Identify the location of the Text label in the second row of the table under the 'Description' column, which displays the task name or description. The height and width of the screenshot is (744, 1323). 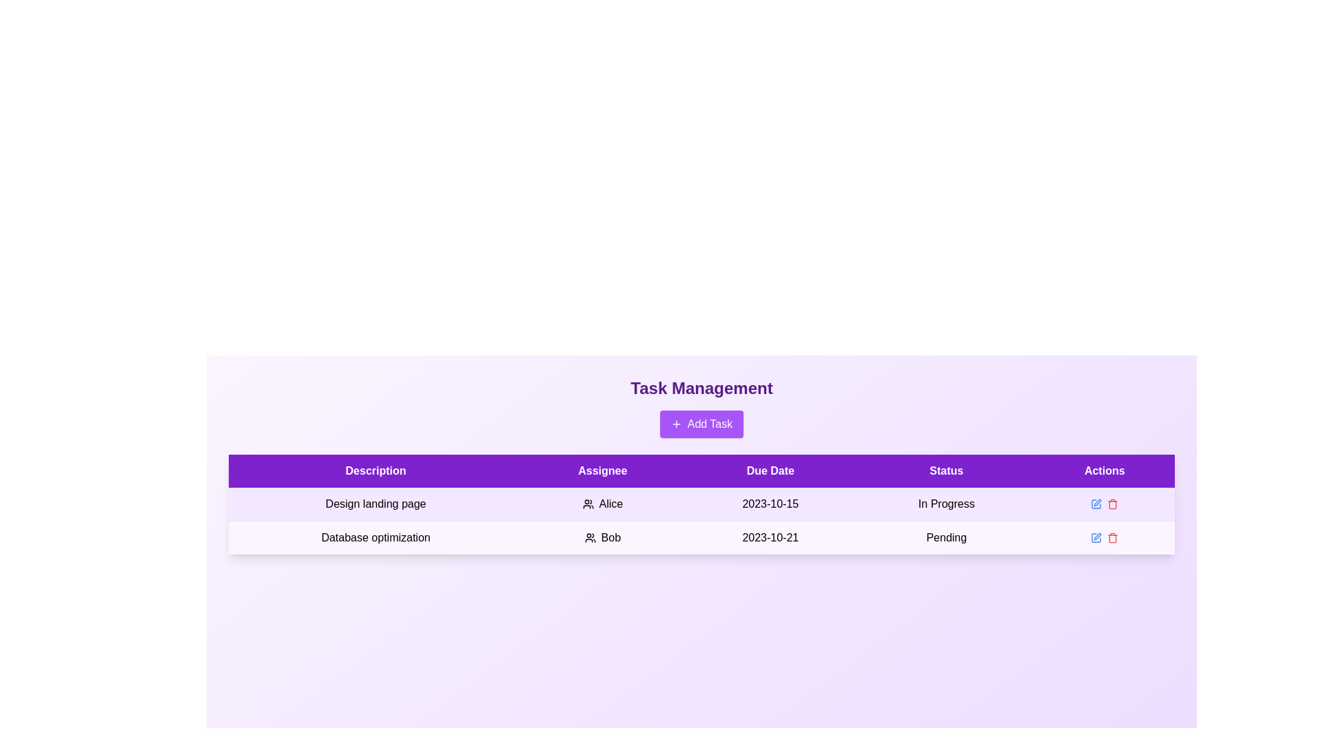
(376, 537).